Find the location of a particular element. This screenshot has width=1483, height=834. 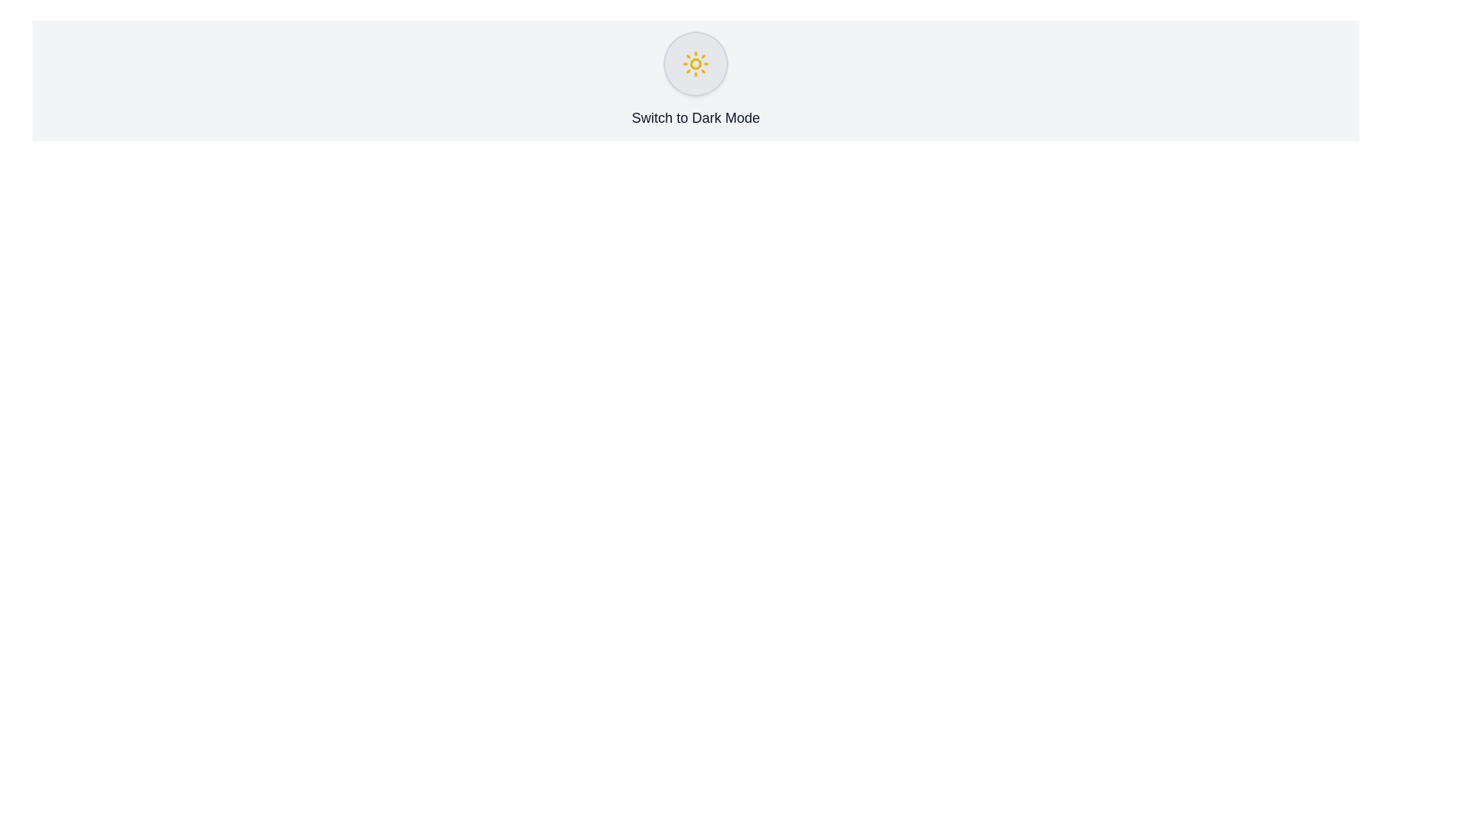

the yellow sun icon within the circular button at the top center of the interface, which is part of the 'Switch to Dark Mode' feature is located at coordinates (695, 63).